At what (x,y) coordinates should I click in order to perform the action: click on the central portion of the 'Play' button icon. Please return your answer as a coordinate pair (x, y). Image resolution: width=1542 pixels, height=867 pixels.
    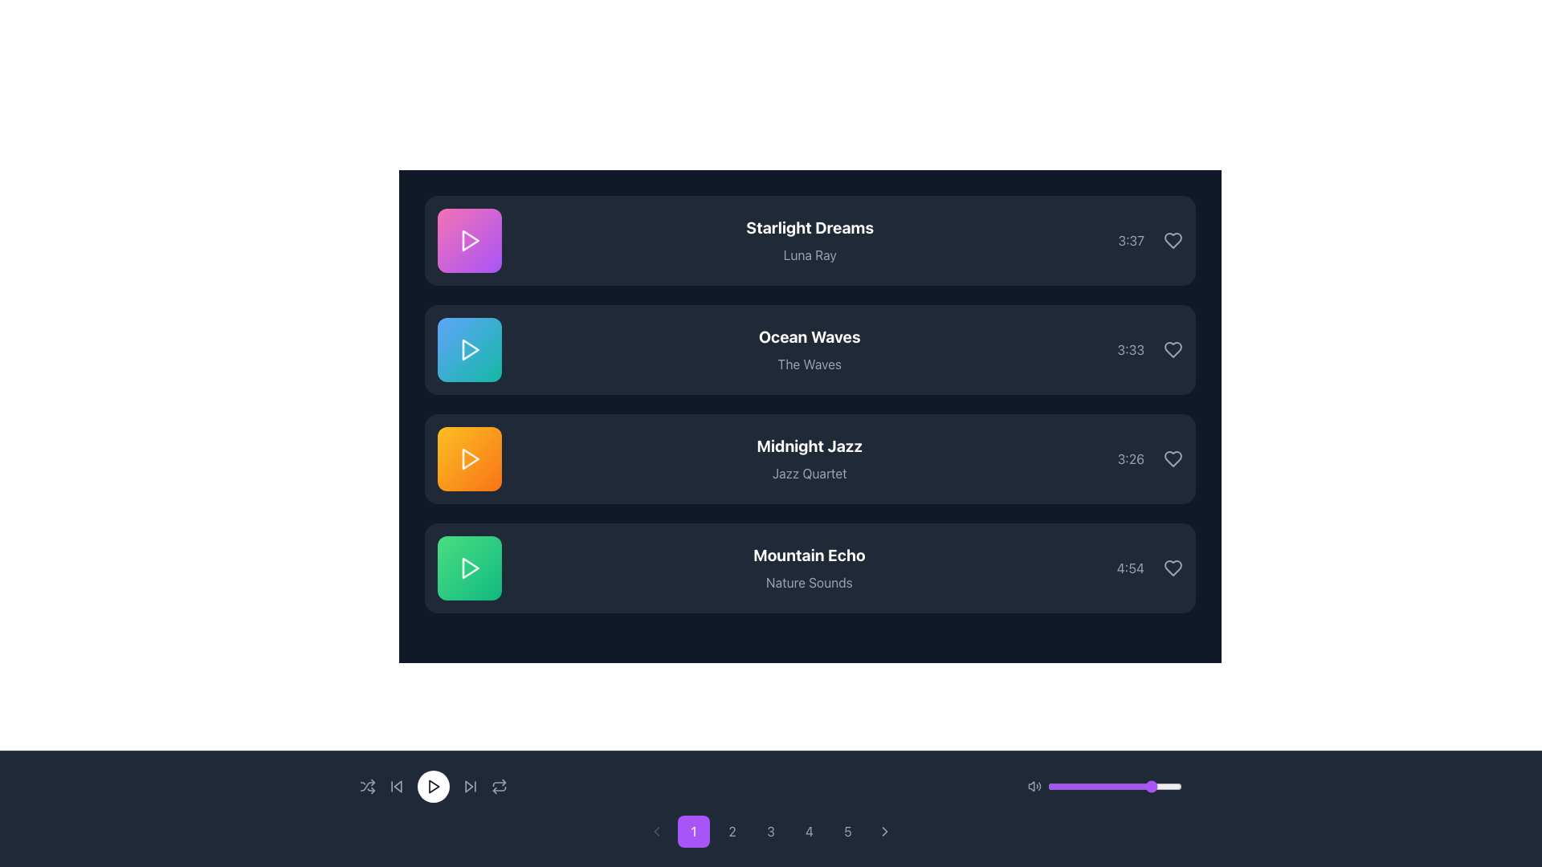
    Looking at the image, I should click on (434, 785).